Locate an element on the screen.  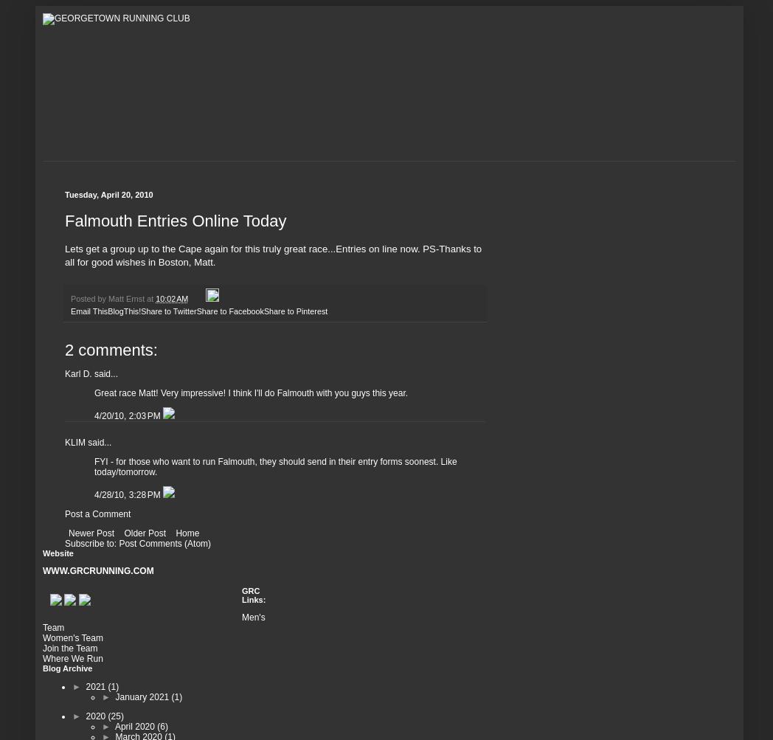
'Falmouth Entries Online Today' is located at coordinates (176, 220).